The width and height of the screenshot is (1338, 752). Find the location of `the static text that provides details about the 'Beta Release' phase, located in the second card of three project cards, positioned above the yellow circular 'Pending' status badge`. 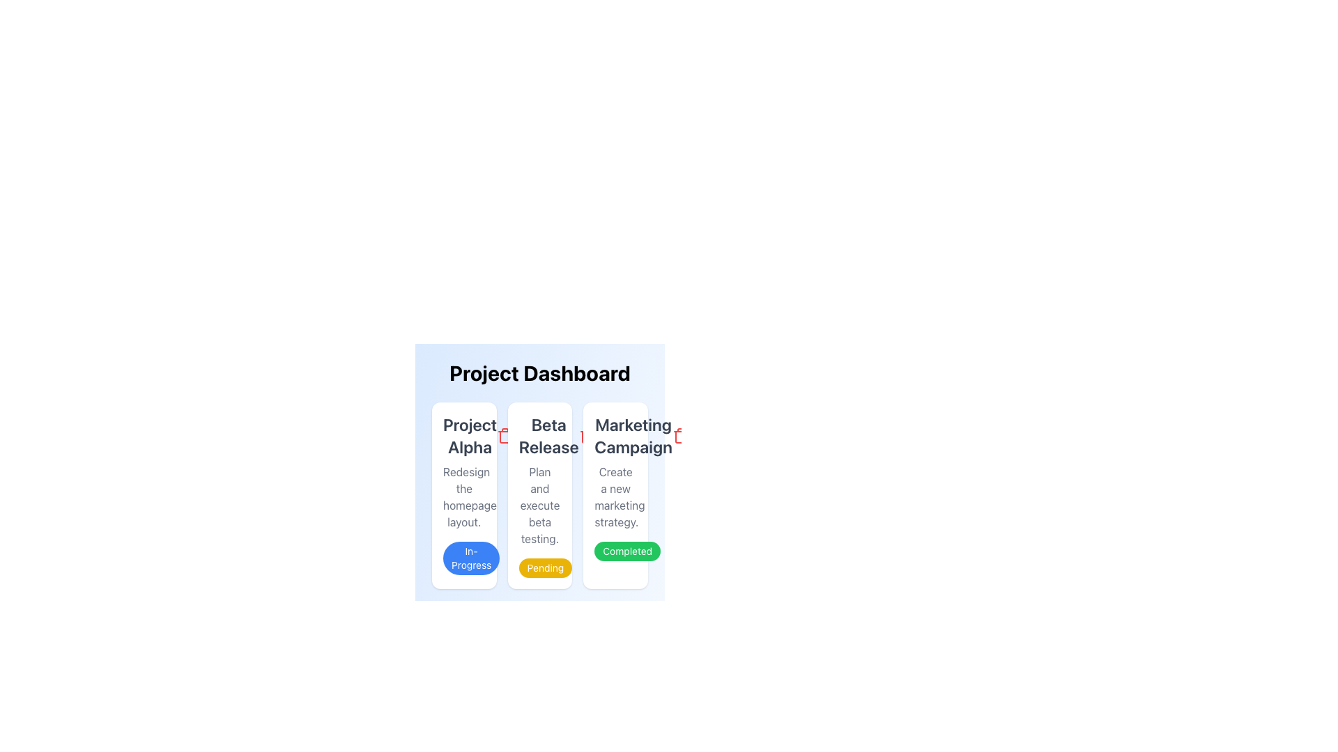

the static text that provides details about the 'Beta Release' phase, located in the second card of three project cards, positioned above the yellow circular 'Pending' status badge is located at coordinates (539, 505).